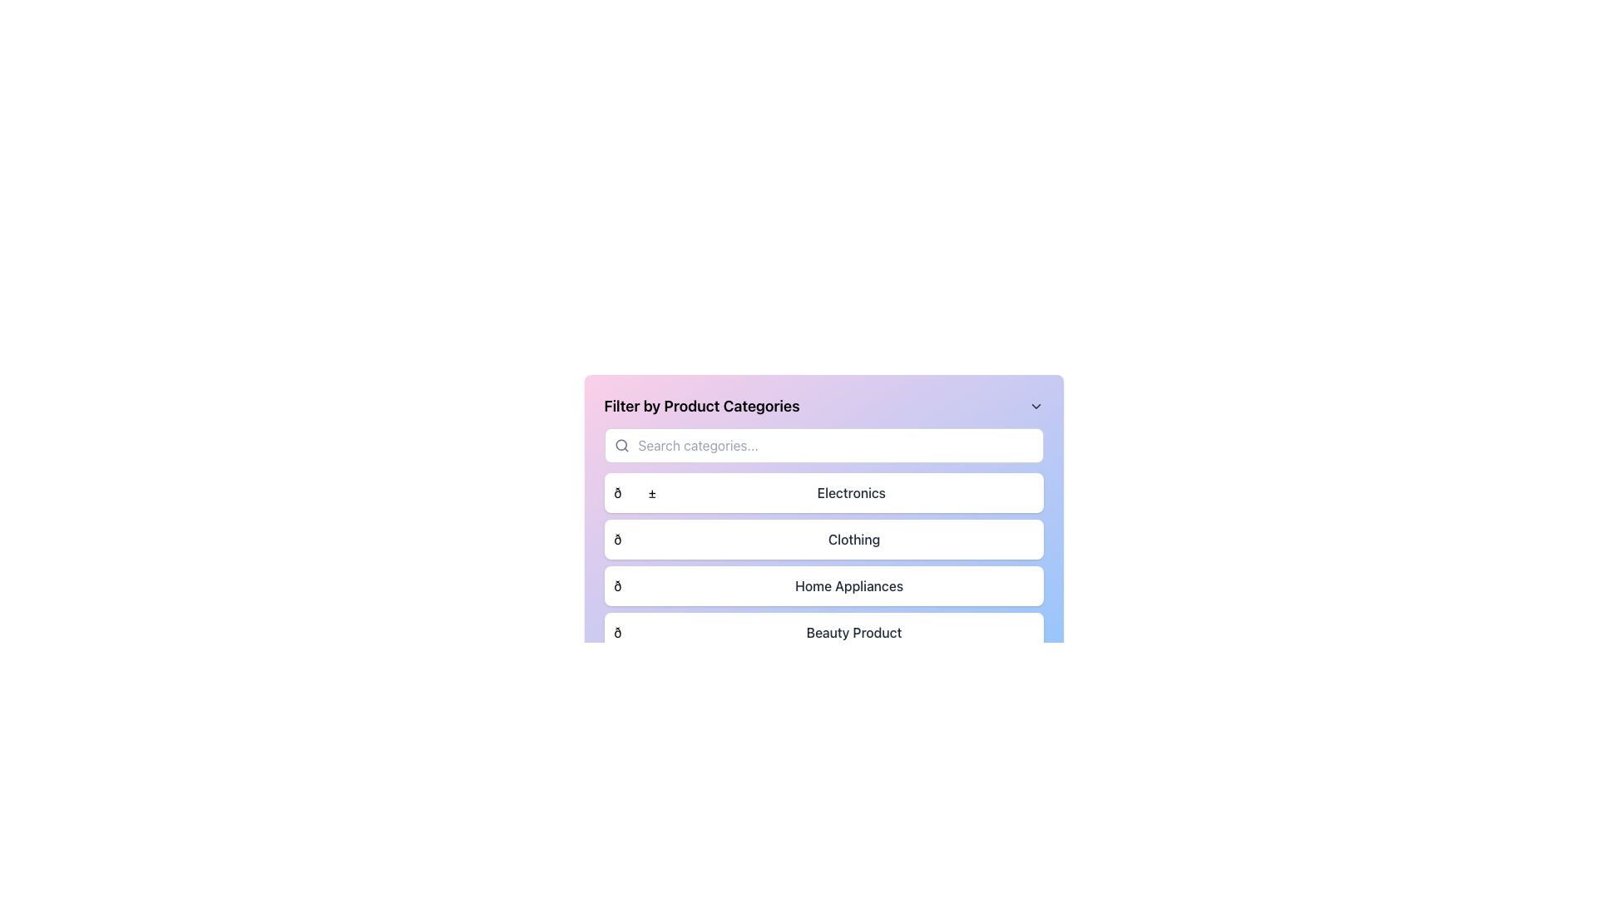 The image size is (1597, 898). Describe the element at coordinates (621, 445) in the screenshot. I see `the search icon resembling a magnifying glass located at the top-left corner of the search bar to understand the purpose of the input field` at that location.